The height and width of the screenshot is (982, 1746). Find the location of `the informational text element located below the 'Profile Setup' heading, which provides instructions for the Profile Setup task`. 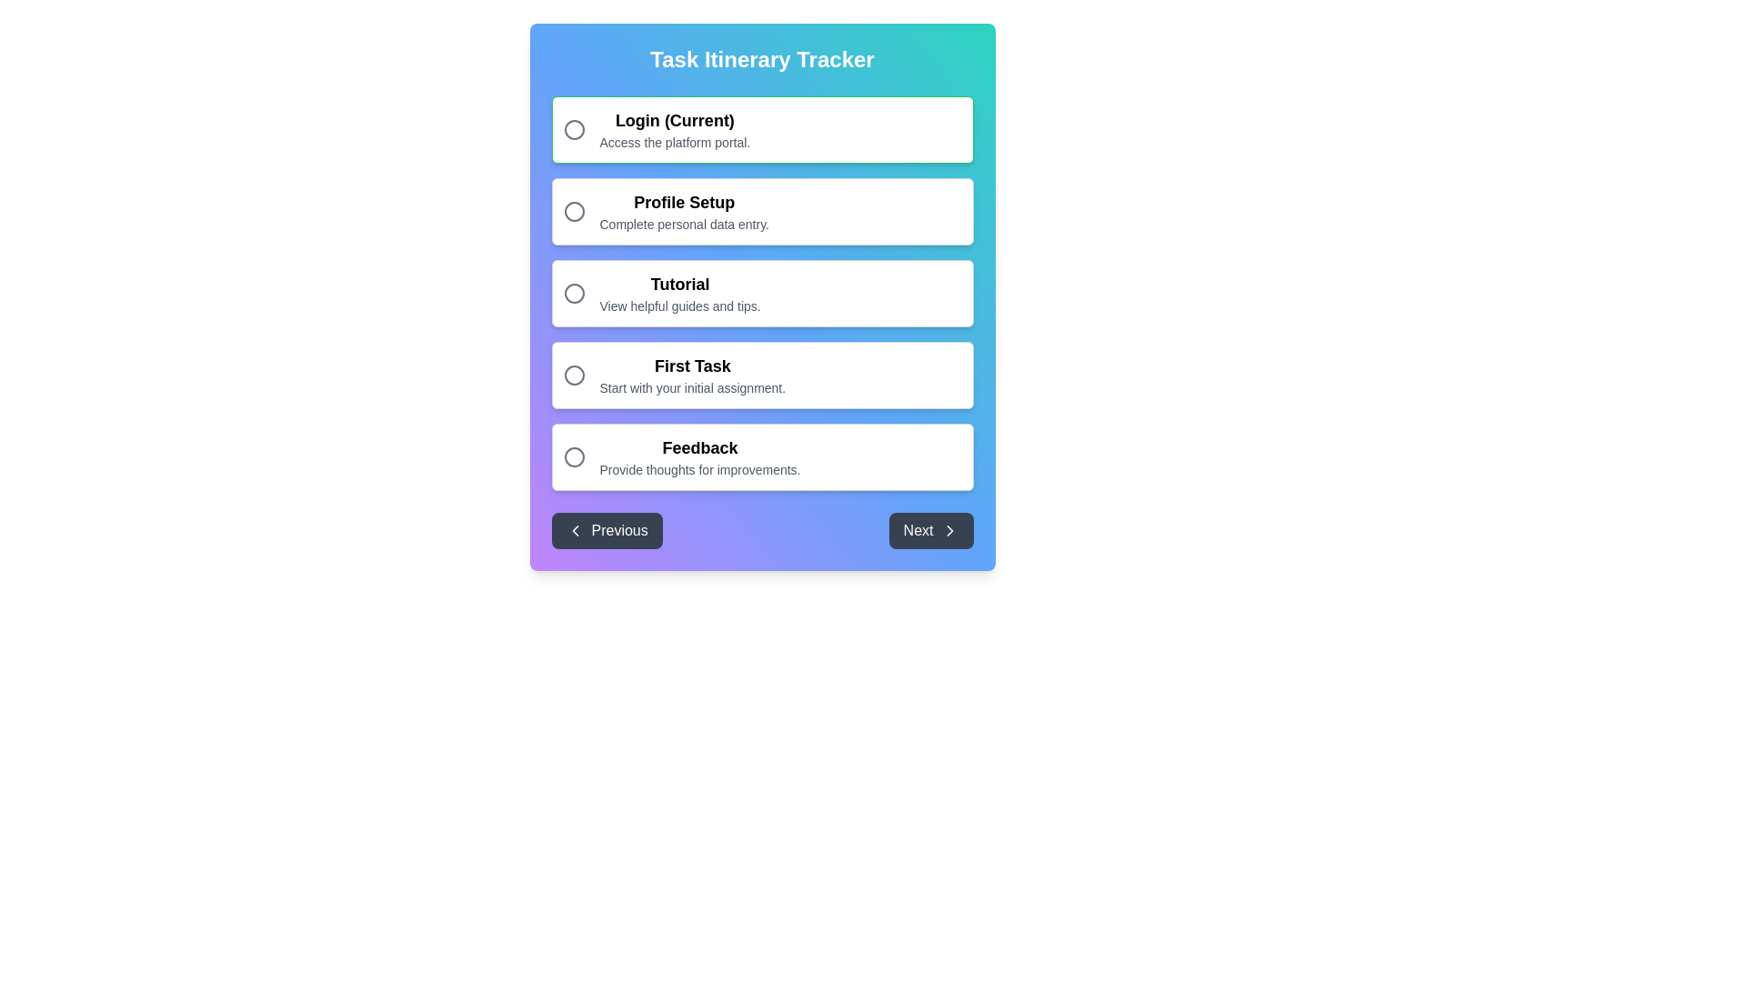

the informational text element located below the 'Profile Setup' heading, which provides instructions for the Profile Setup task is located at coordinates (683, 223).